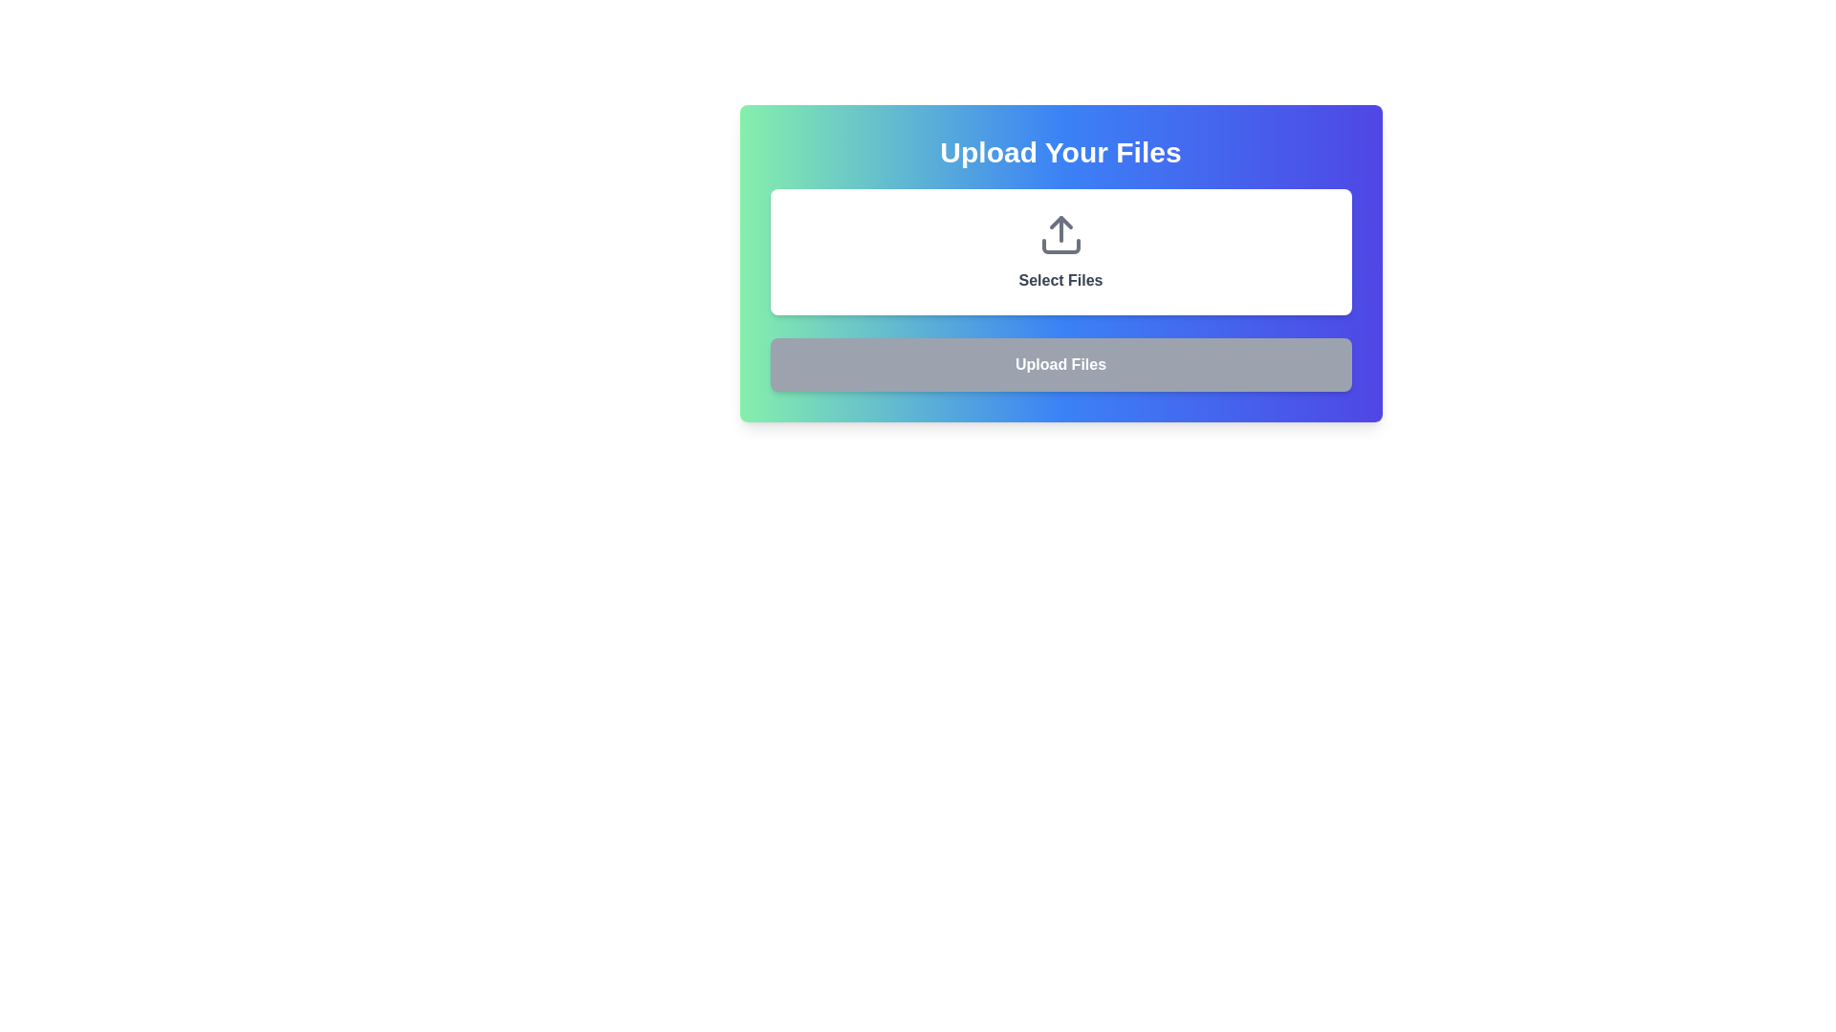 The width and height of the screenshot is (1836, 1032). I want to click on the 'Select Files' file upload input area, which features an upward-facing gray arrow icon and bold text on a white background, so click(1060, 250).